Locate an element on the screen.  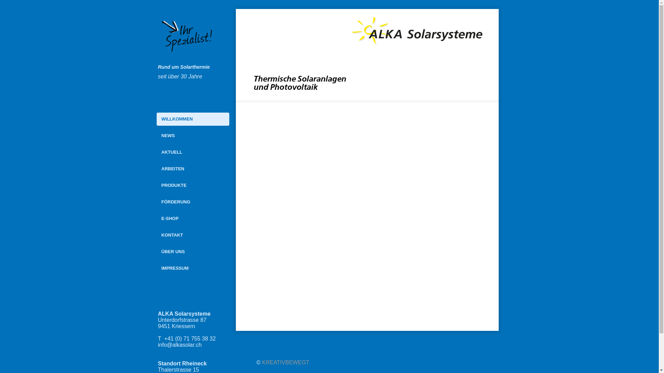
'KONTAKT' is located at coordinates (192, 235).